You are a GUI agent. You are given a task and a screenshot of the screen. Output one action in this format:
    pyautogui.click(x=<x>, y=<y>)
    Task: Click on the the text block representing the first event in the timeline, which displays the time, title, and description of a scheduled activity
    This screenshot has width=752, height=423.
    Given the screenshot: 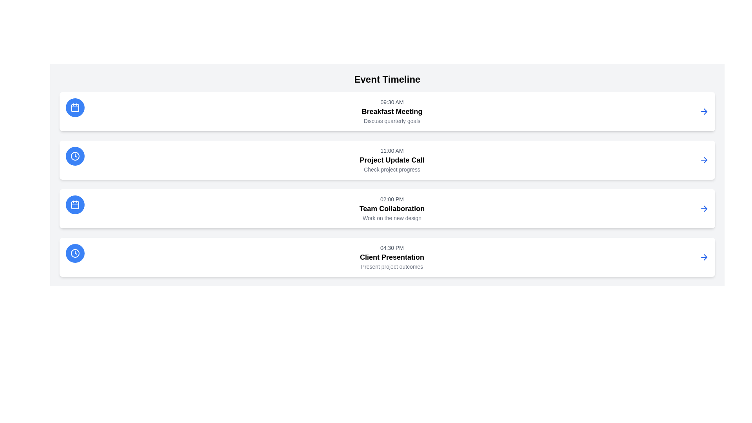 What is the action you would take?
    pyautogui.click(x=392, y=112)
    